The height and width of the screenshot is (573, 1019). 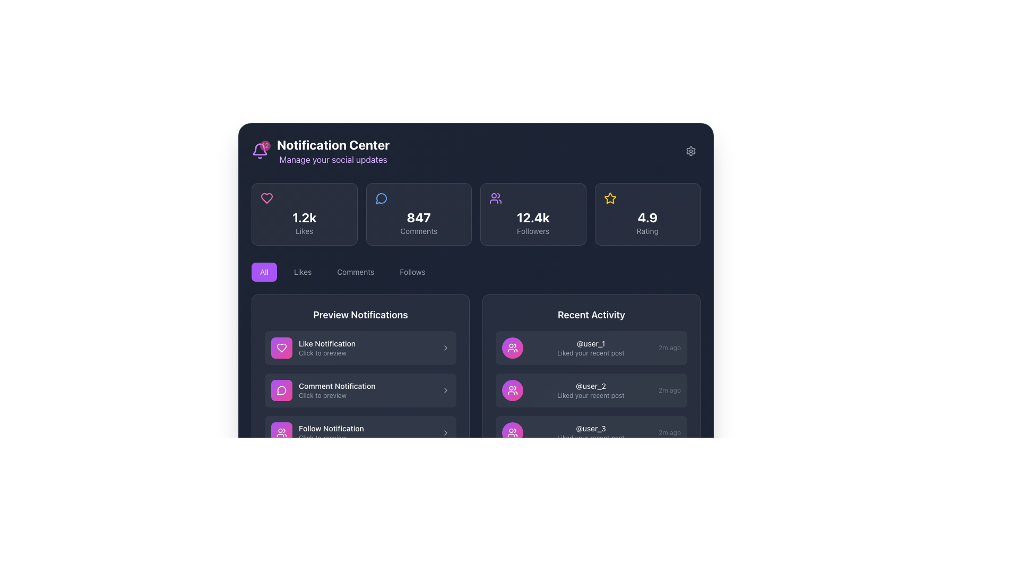 I want to click on the Avatar styled as a circular gradient background with a white user group icon, located in the 'Recent Activity' section next to '@user_3 Liked your recent post', so click(x=512, y=433).